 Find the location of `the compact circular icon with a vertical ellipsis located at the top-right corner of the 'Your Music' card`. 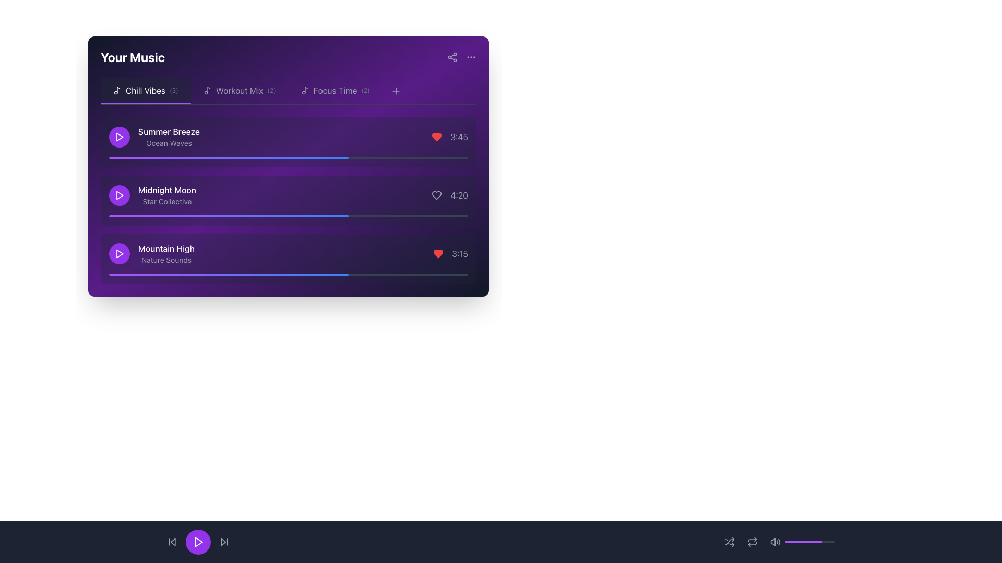

the compact circular icon with a vertical ellipsis located at the top-right corner of the 'Your Music' card is located at coordinates (470, 57).